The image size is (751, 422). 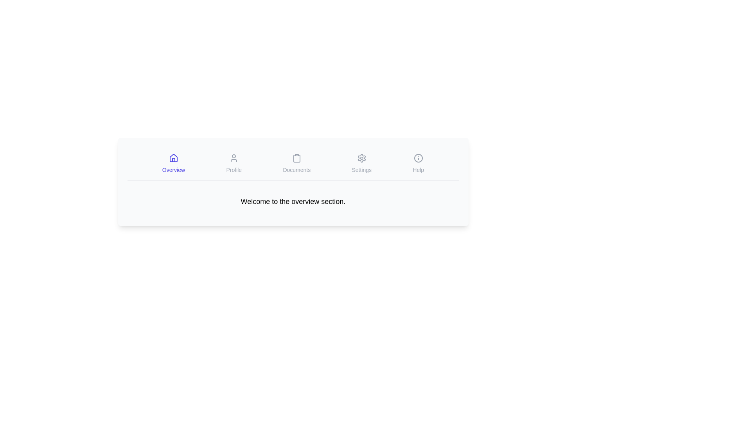 I want to click on the circular 'information' icon located at the rightmost position of the top menu bar, which is associated with the 'Help' text, so click(x=418, y=158).